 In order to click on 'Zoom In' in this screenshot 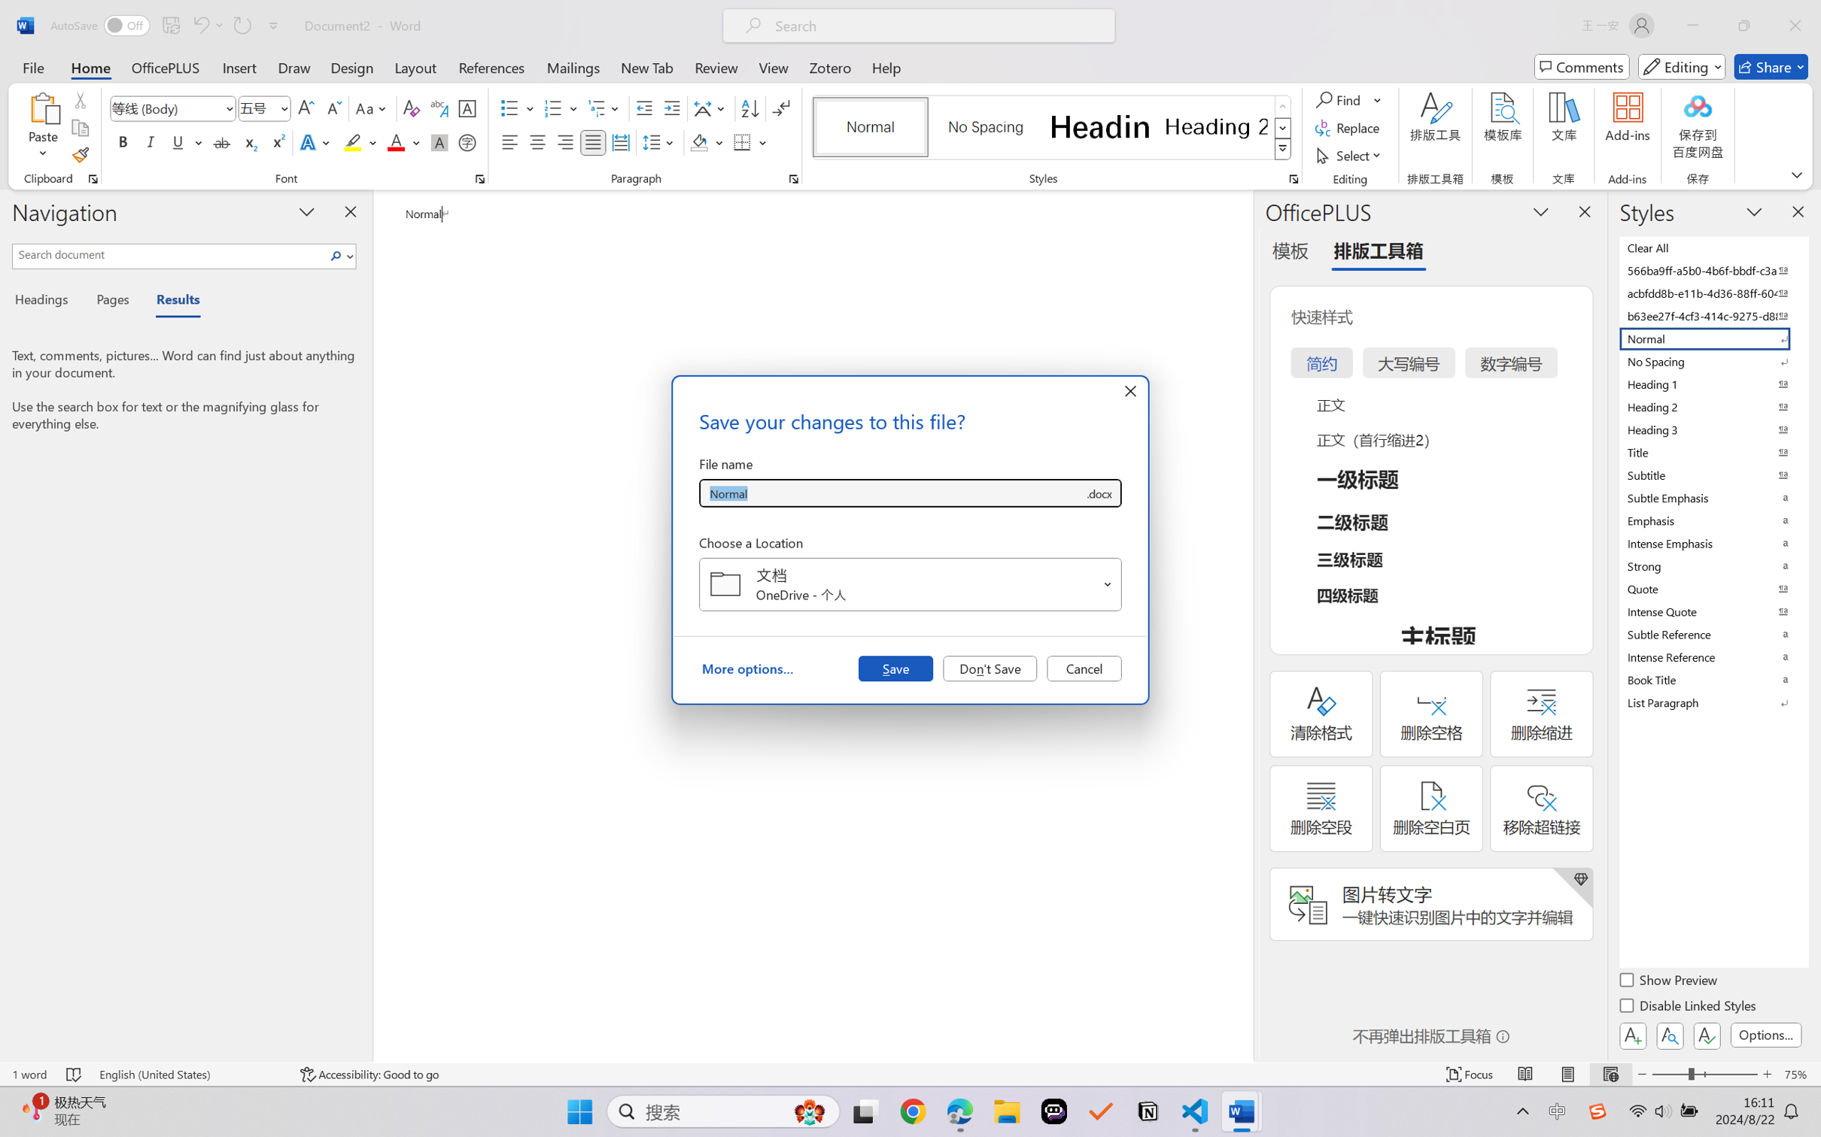, I will do `click(1767, 1074)`.